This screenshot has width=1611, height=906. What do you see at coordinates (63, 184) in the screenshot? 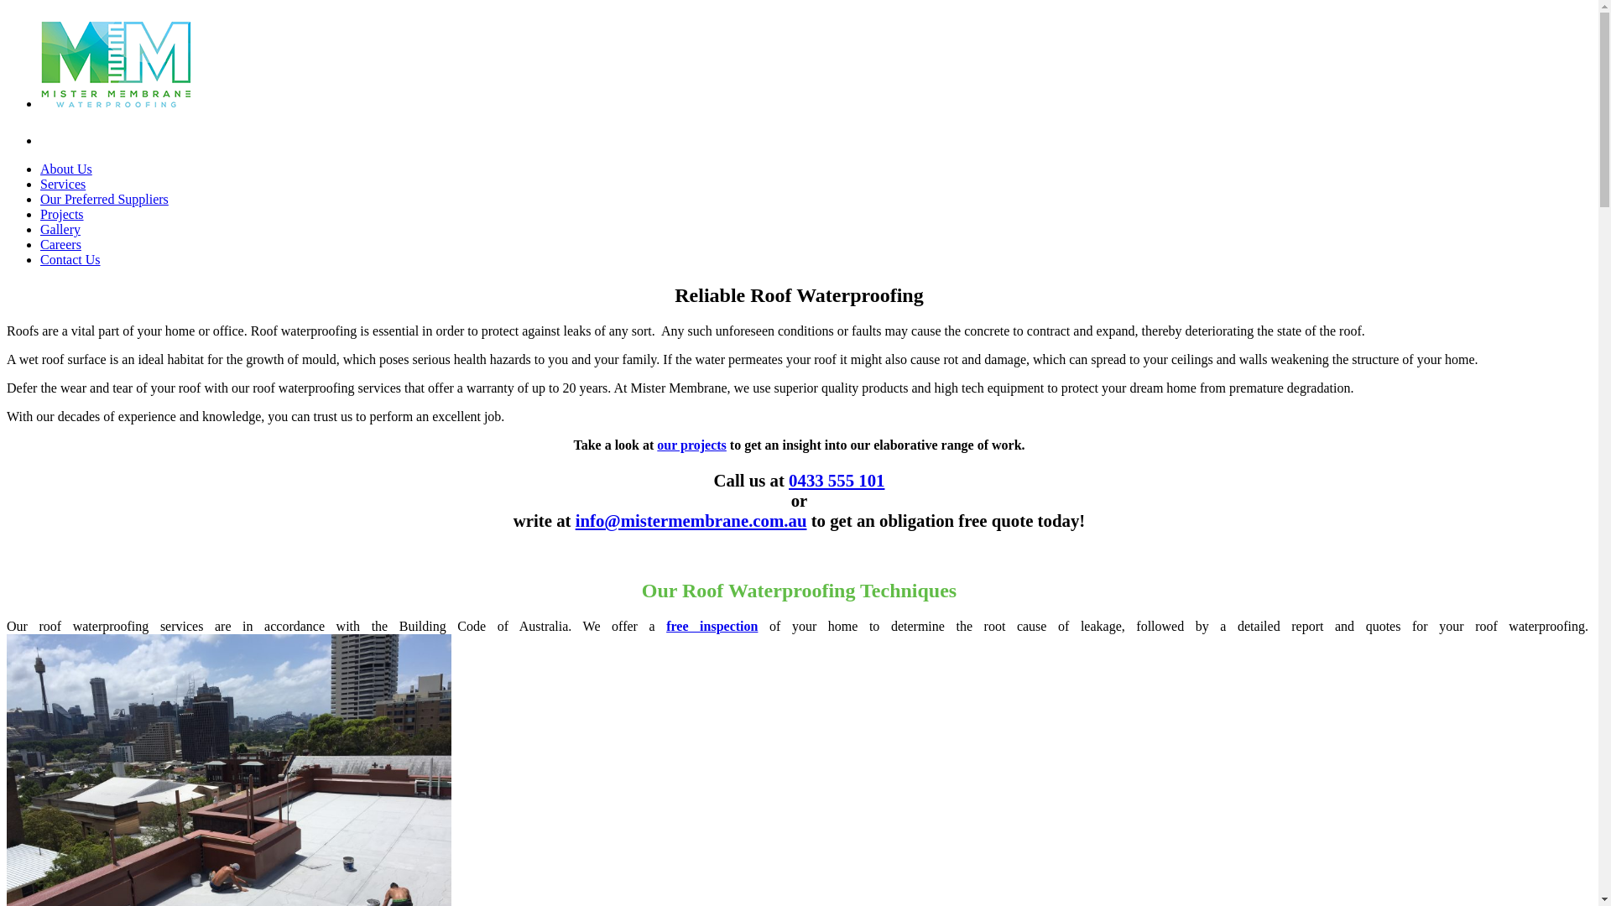
I see `'Services'` at bounding box center [63, 184].